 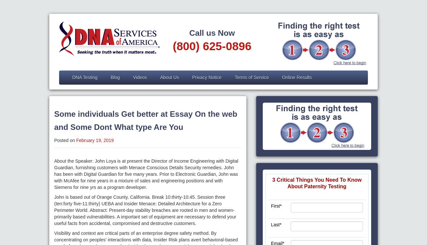 What do you see at coordinates (59, 80) in the screenshot?
I see `'Main menu'` at bounding box center [59, 80].